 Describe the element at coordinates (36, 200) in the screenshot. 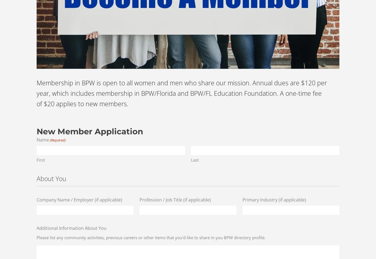

I see `'Company Name / Employer (if applicable)'` at that location.